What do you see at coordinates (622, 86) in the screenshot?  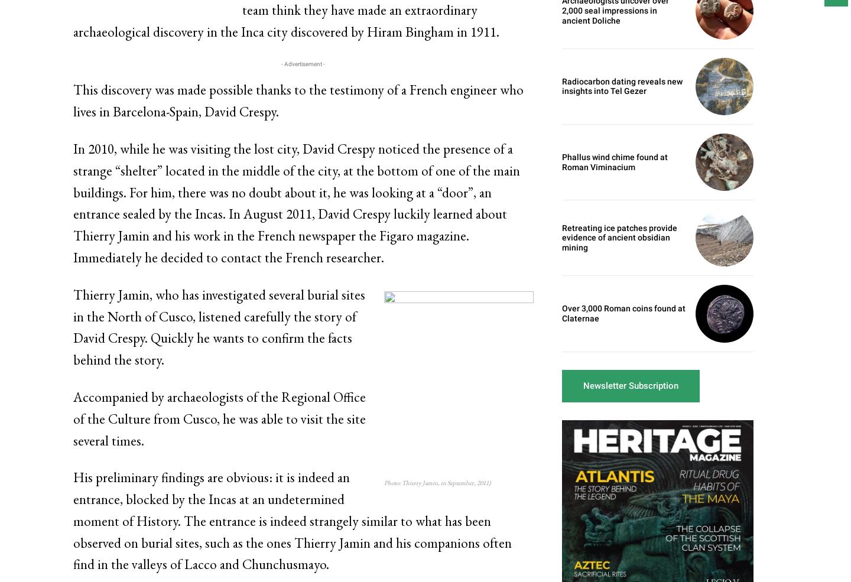 I see `'Radiocarbon dating reveals new insights into Tel Gezer'` at bounding box center [622, 86].